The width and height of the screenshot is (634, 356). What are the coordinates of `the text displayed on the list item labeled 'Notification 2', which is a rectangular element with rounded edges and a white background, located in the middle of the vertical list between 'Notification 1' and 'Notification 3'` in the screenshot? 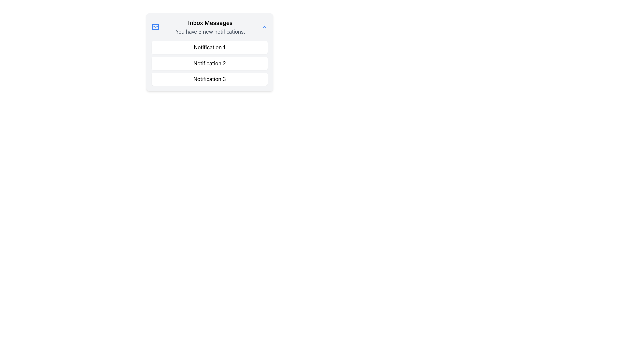 It's located at (209, 63).